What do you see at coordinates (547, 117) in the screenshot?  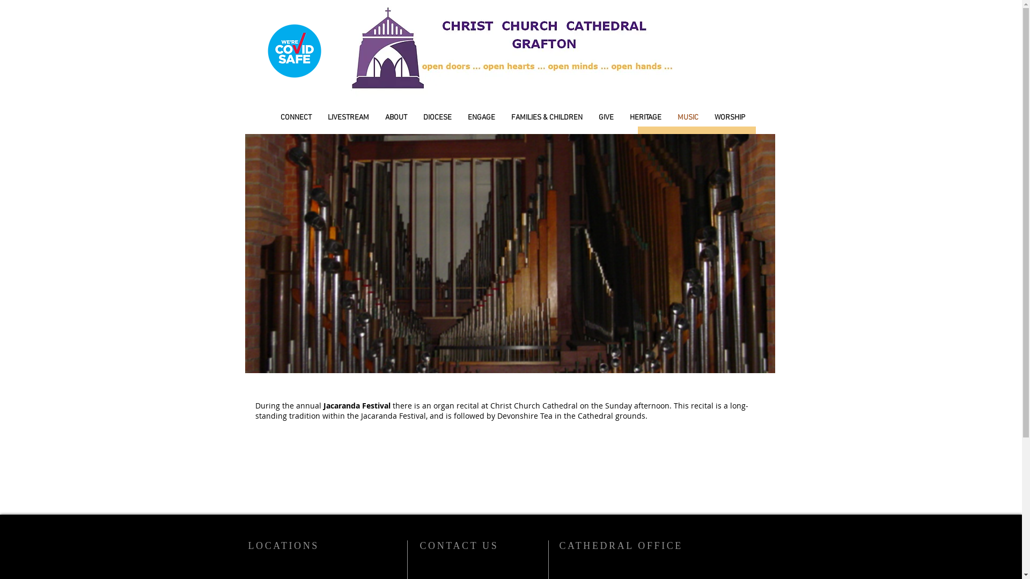 I see `'FAMILIES & CHILDREN'` at bounding box center [547, 117].